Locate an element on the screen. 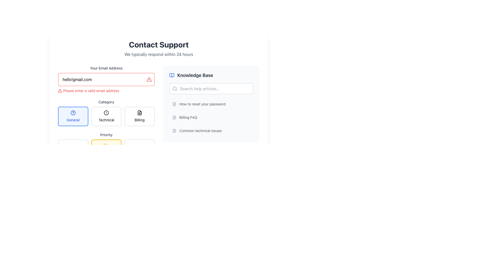 This screenshot has width=493, height=277. the 'Billing FAQ' button, which is the second item in the list of help topics within the 'Knowledge Base' section is located at coordinates (211, 117).